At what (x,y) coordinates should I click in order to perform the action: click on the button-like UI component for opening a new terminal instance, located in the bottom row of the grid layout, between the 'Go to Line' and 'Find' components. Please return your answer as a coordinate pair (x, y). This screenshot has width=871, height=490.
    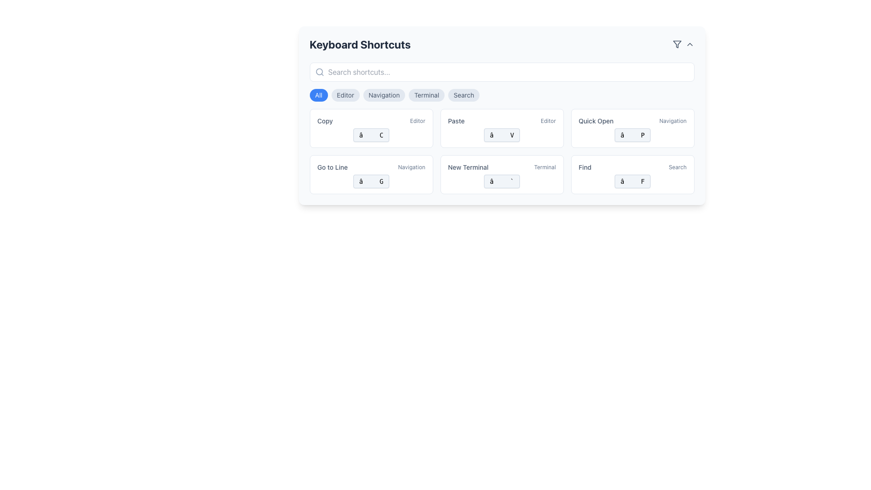
    Looking at the image, I should click on (501, 175).